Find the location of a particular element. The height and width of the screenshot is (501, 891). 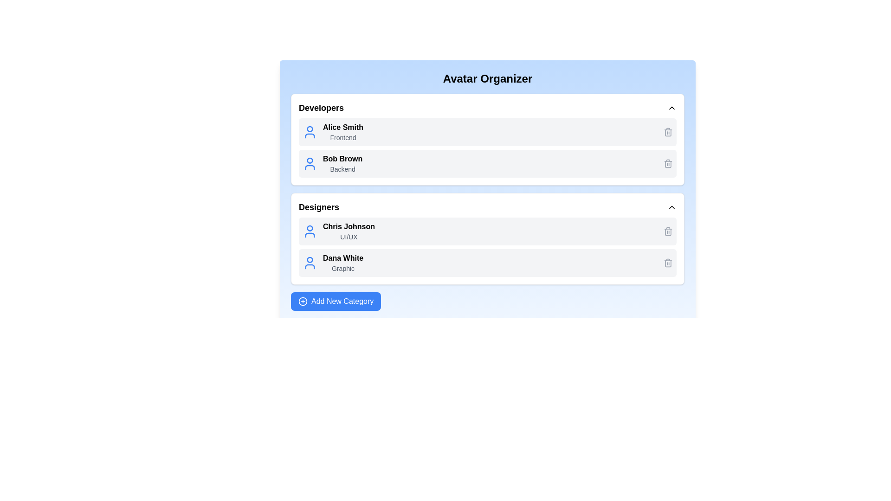

the SVG graphic icon representing user 'Dana White' located in the 'Designers' section, to the left of the text 'Dana White' and 'Graphic' is located at coordinates (310, 263).